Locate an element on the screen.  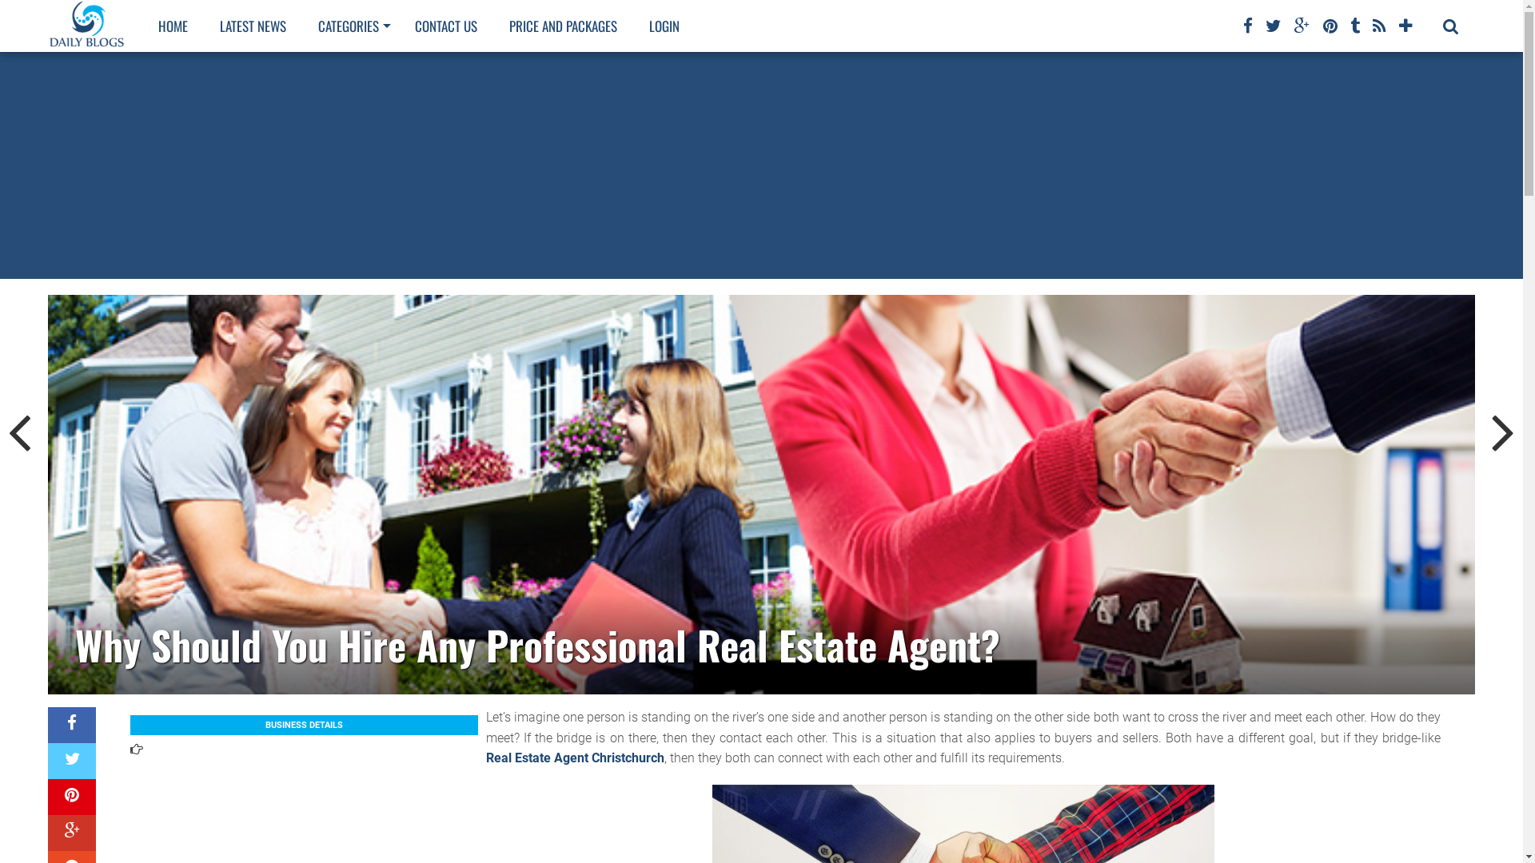
'LATEST NEWS' is located at coordinates (252, 26).